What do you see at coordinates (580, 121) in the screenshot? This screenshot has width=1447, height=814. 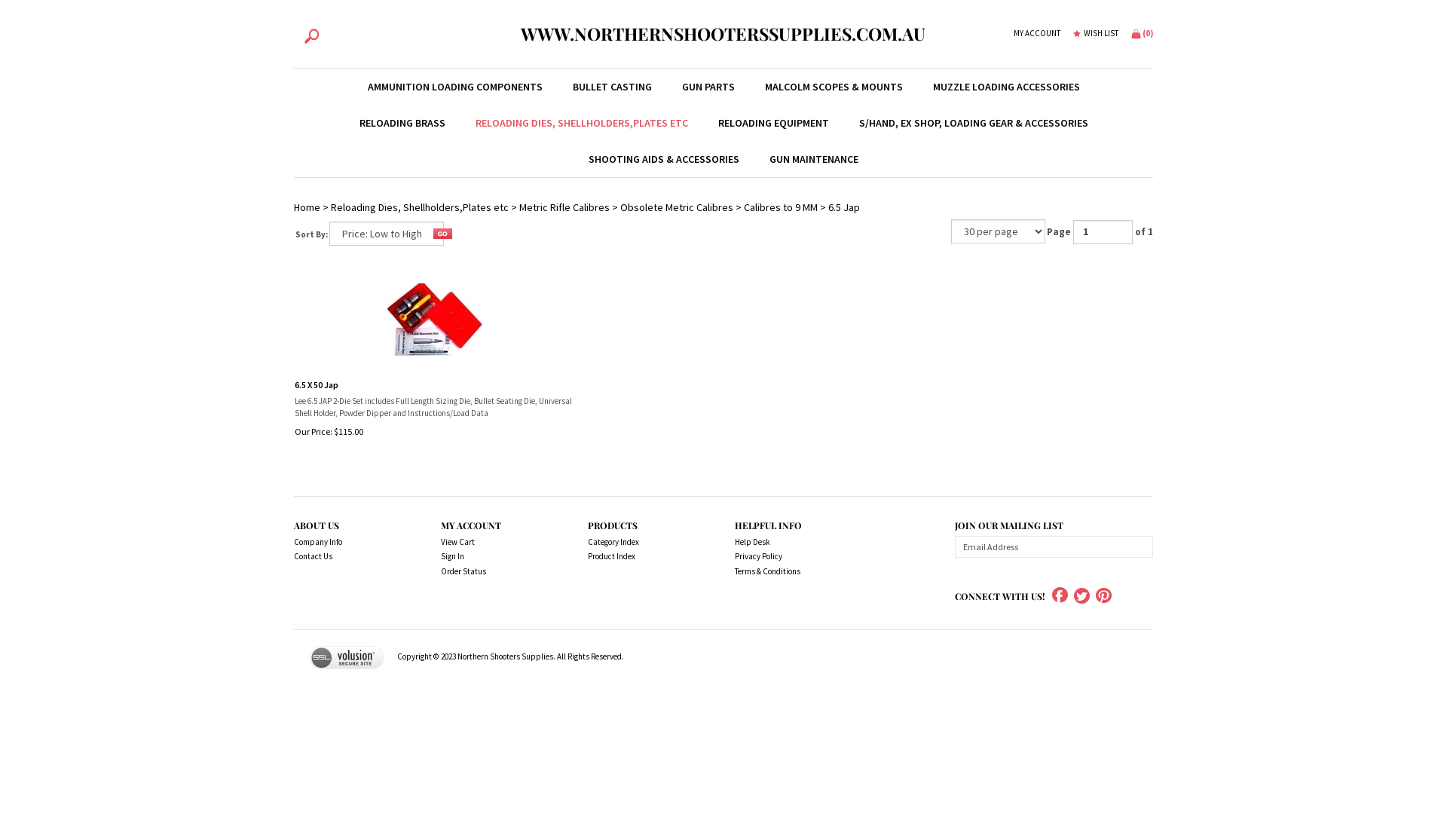 I see `'RELOADING DIES, SHELLHOLDERS,PLATES ETC'` at bounding box center [580, 121].